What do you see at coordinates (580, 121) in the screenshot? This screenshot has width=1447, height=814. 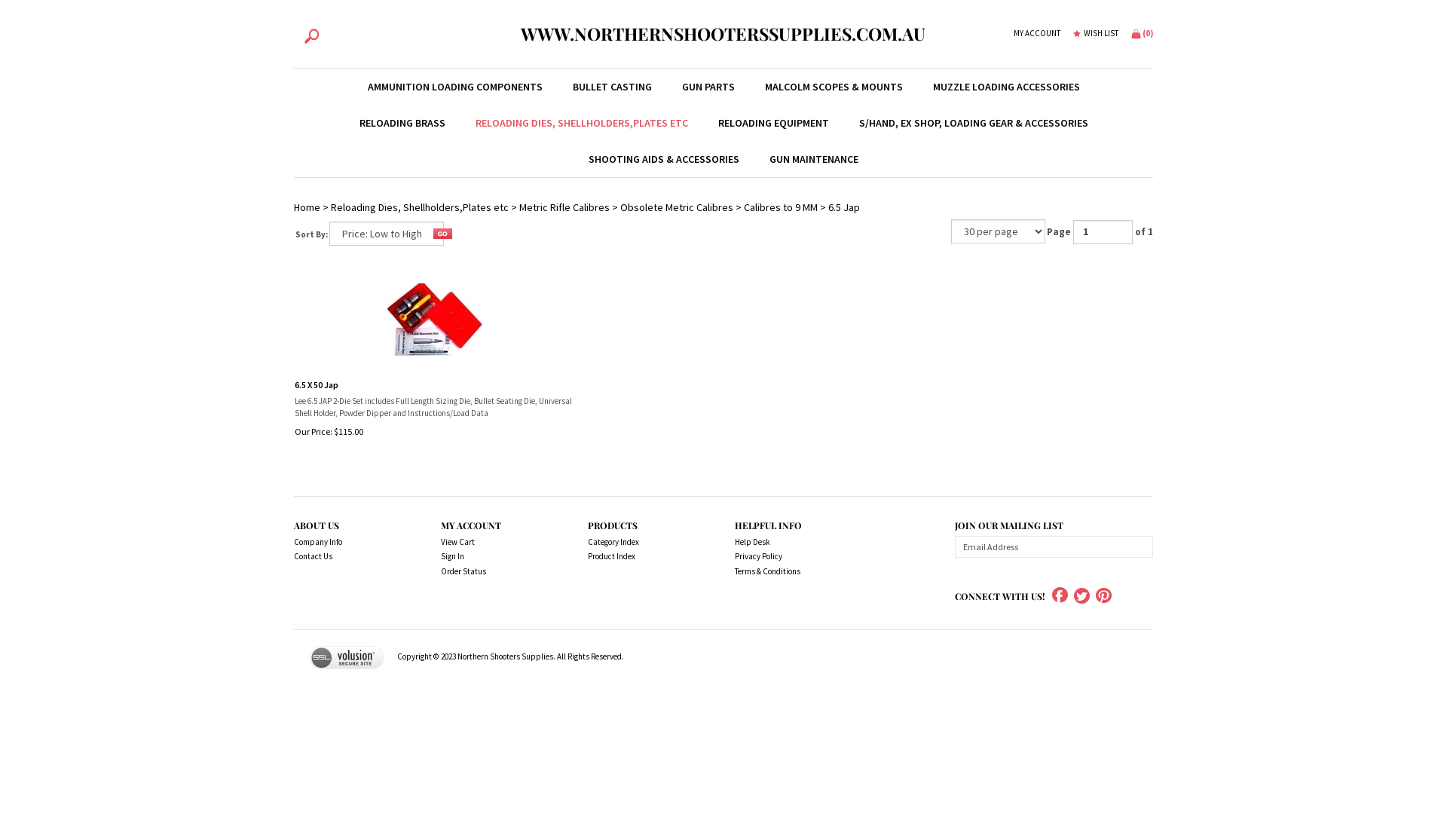 I see `'RELOADING DIES, SHELLHOLDERS,PLATES ETC'` at bounding box center [580, 121].